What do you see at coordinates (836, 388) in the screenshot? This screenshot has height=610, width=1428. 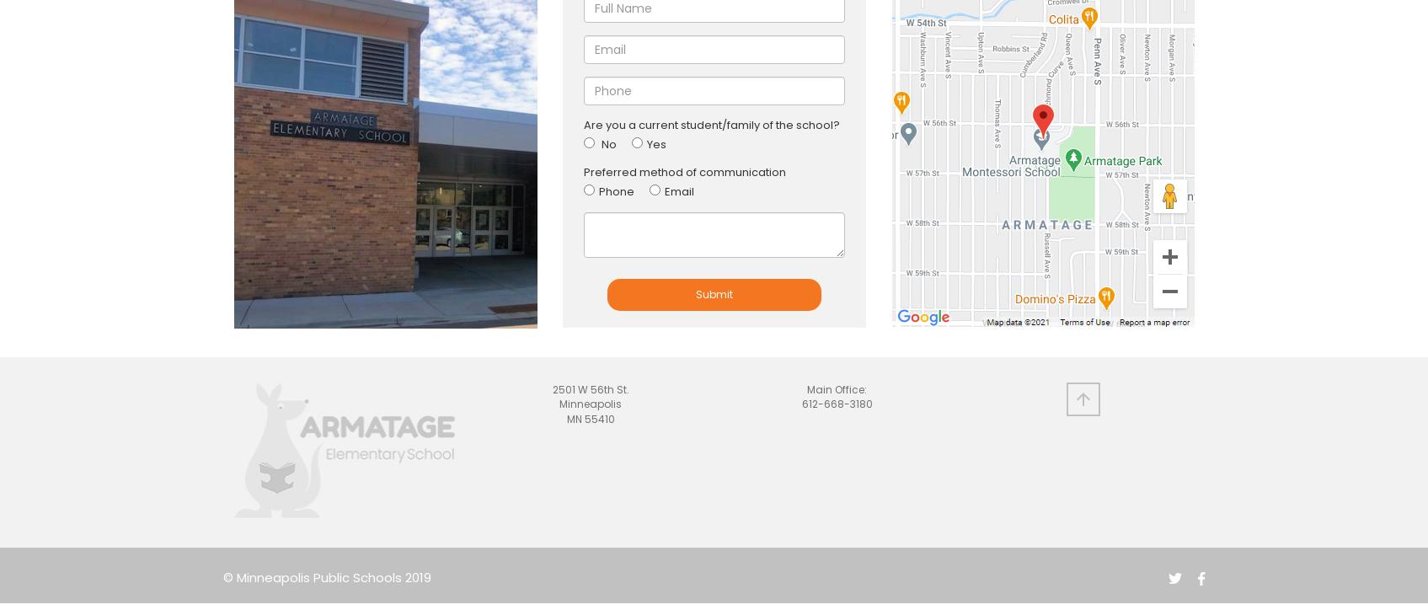 I see `'Main Office:'` at bounding box center [836, 388].